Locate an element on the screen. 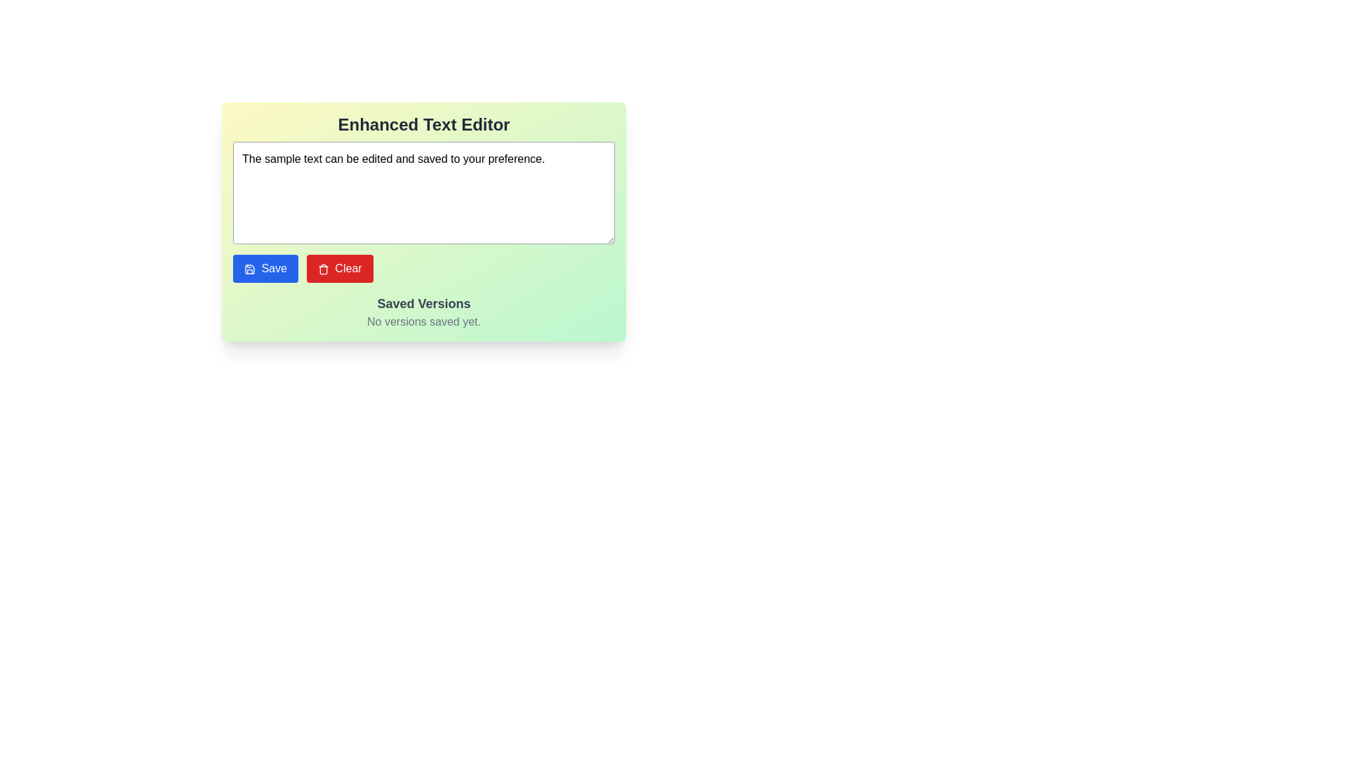 This screenshot has height=758, width=1348. the trash can icon styled as a white trash can within a red circular button, which is part of the 'Clear' button, located to the left of the text 'Clear' is located at coordinates (322, 269).